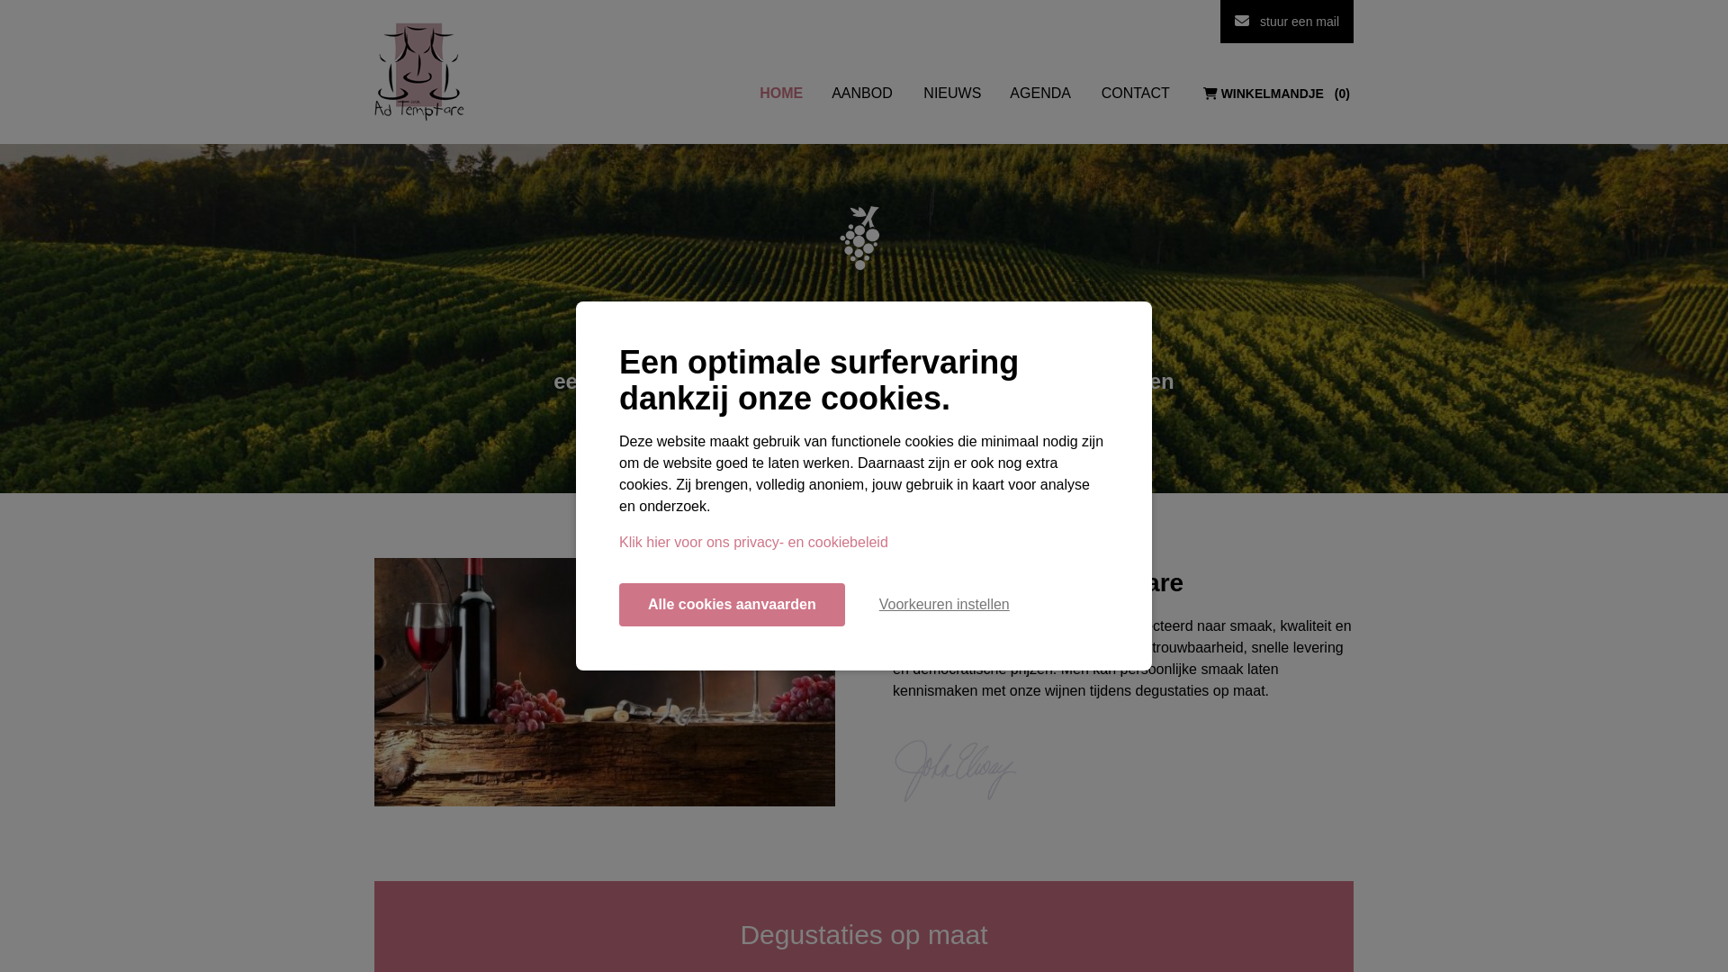 The width and height of the screenshot is (1728, 972). I want to click on 'NIEUWS', so click(950, 94).